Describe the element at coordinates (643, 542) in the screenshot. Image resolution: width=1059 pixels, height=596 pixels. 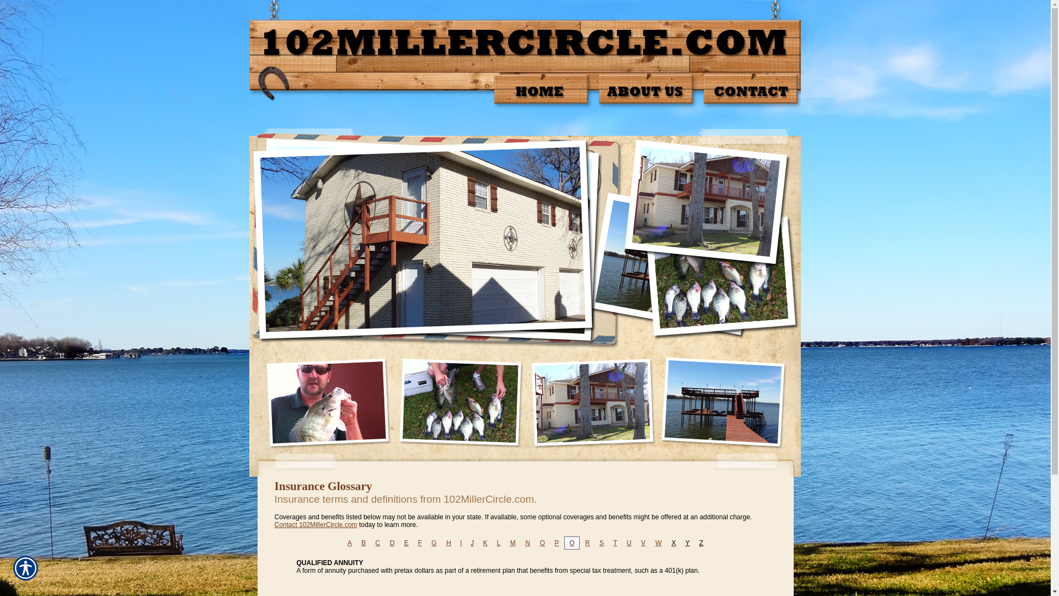
I see `'V'` at that location.